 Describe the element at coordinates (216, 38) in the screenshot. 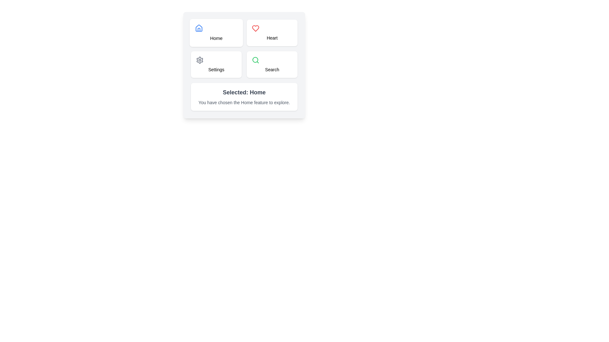

I see `the 'Home' text label, which is a small black font displayed below the house icon in the top left section of the button grid` at that location.